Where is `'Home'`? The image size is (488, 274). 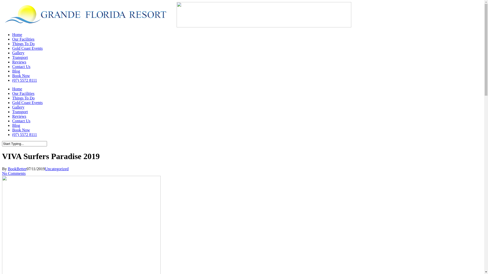
'Home' is located at coordinates (17, 34).